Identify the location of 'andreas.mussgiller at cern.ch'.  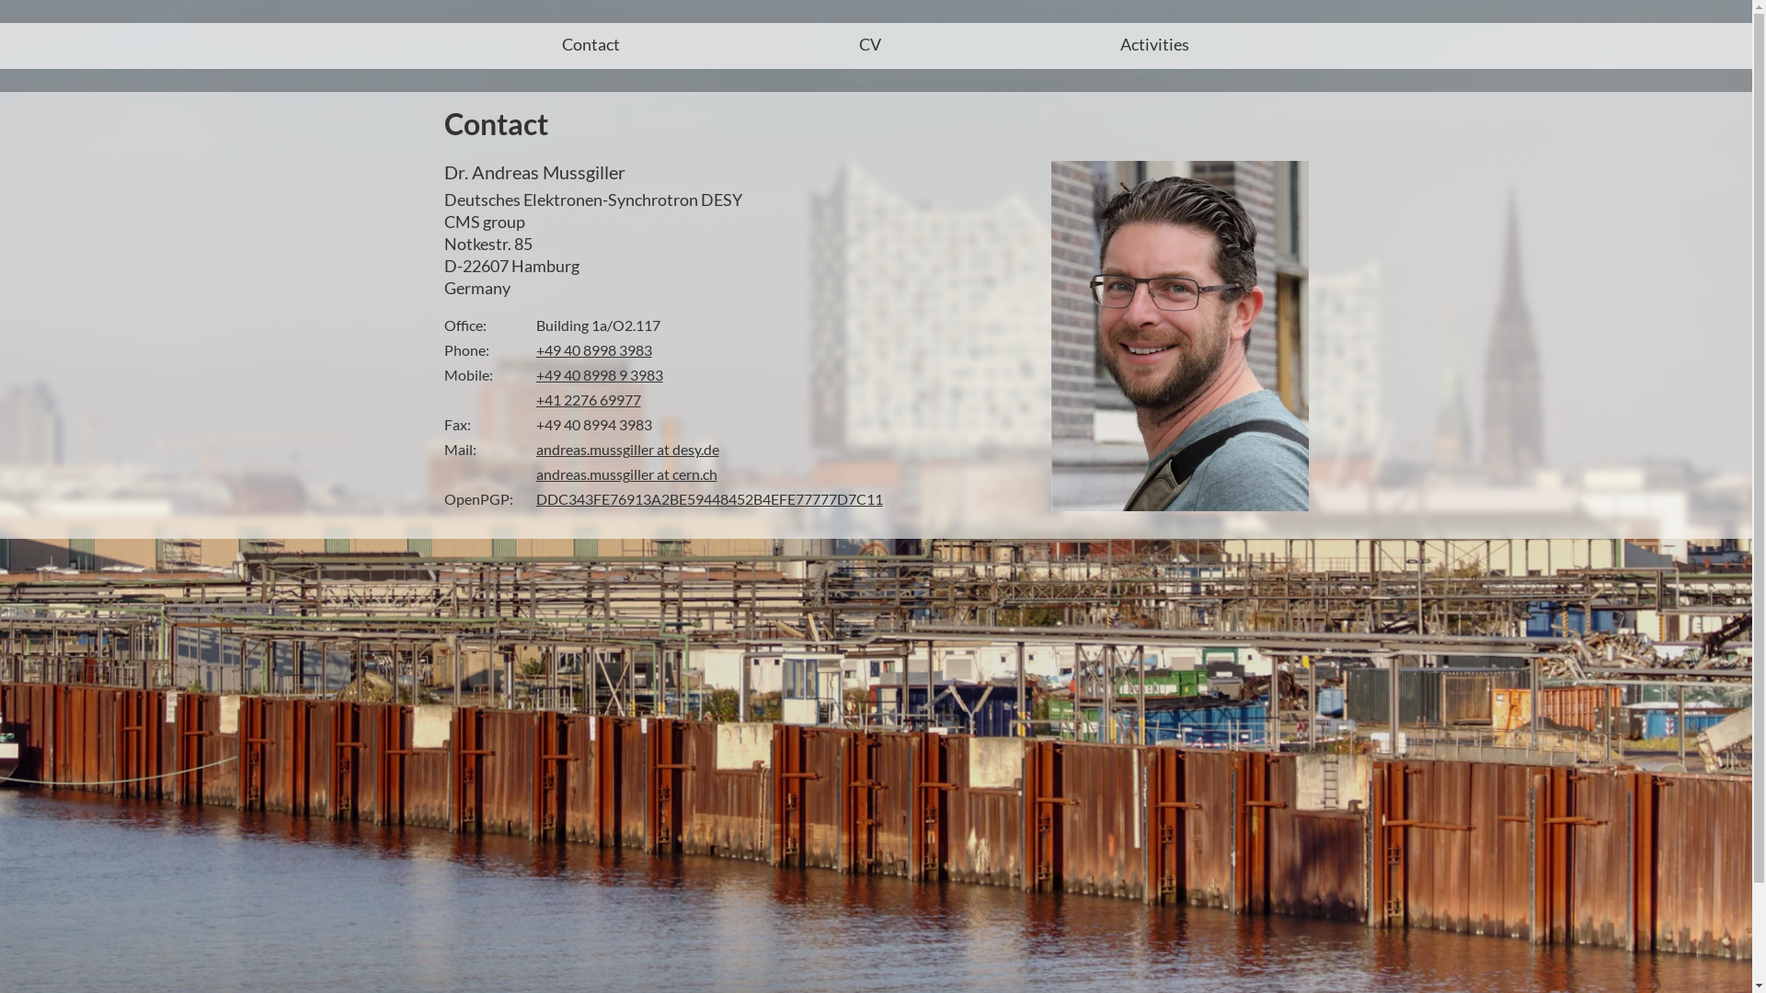
(625, 473).